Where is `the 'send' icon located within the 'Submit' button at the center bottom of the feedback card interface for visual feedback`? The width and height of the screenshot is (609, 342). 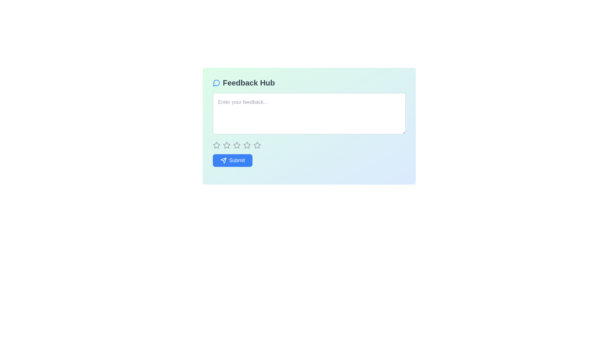
the 'send' icon located within the 'Submit' button at the center bottom of the feedback card interface for visual feedback is located at coordinates (223, 160).